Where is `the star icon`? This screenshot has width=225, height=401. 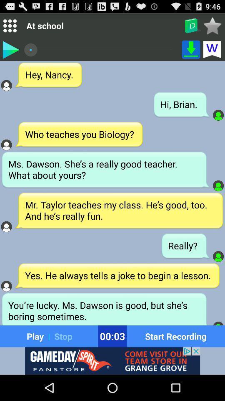
the star icon is located at coordinates (212, 27).